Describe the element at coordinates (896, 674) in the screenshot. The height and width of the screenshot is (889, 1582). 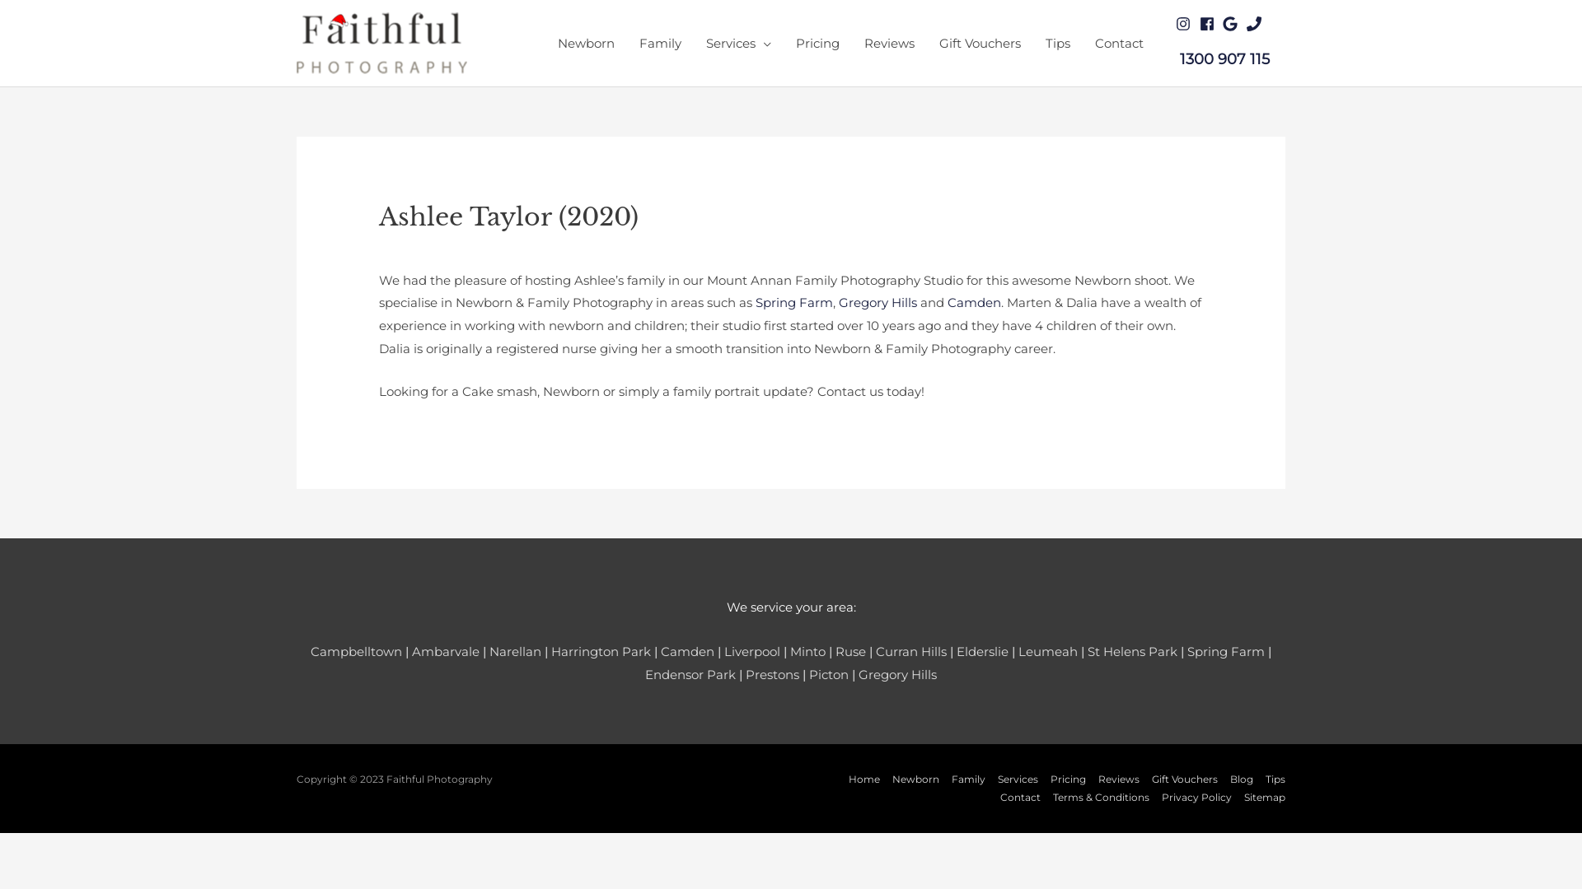
I see `'Gregory Hills'` at that location.